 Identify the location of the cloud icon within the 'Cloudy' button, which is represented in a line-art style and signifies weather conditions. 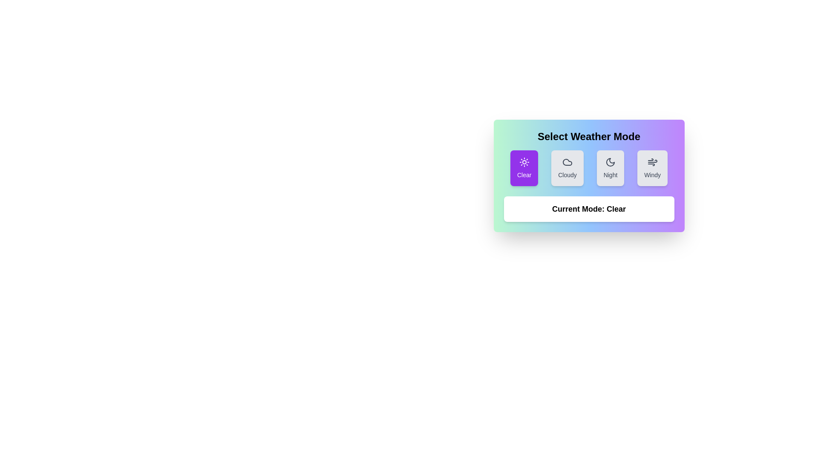
(567, 162).